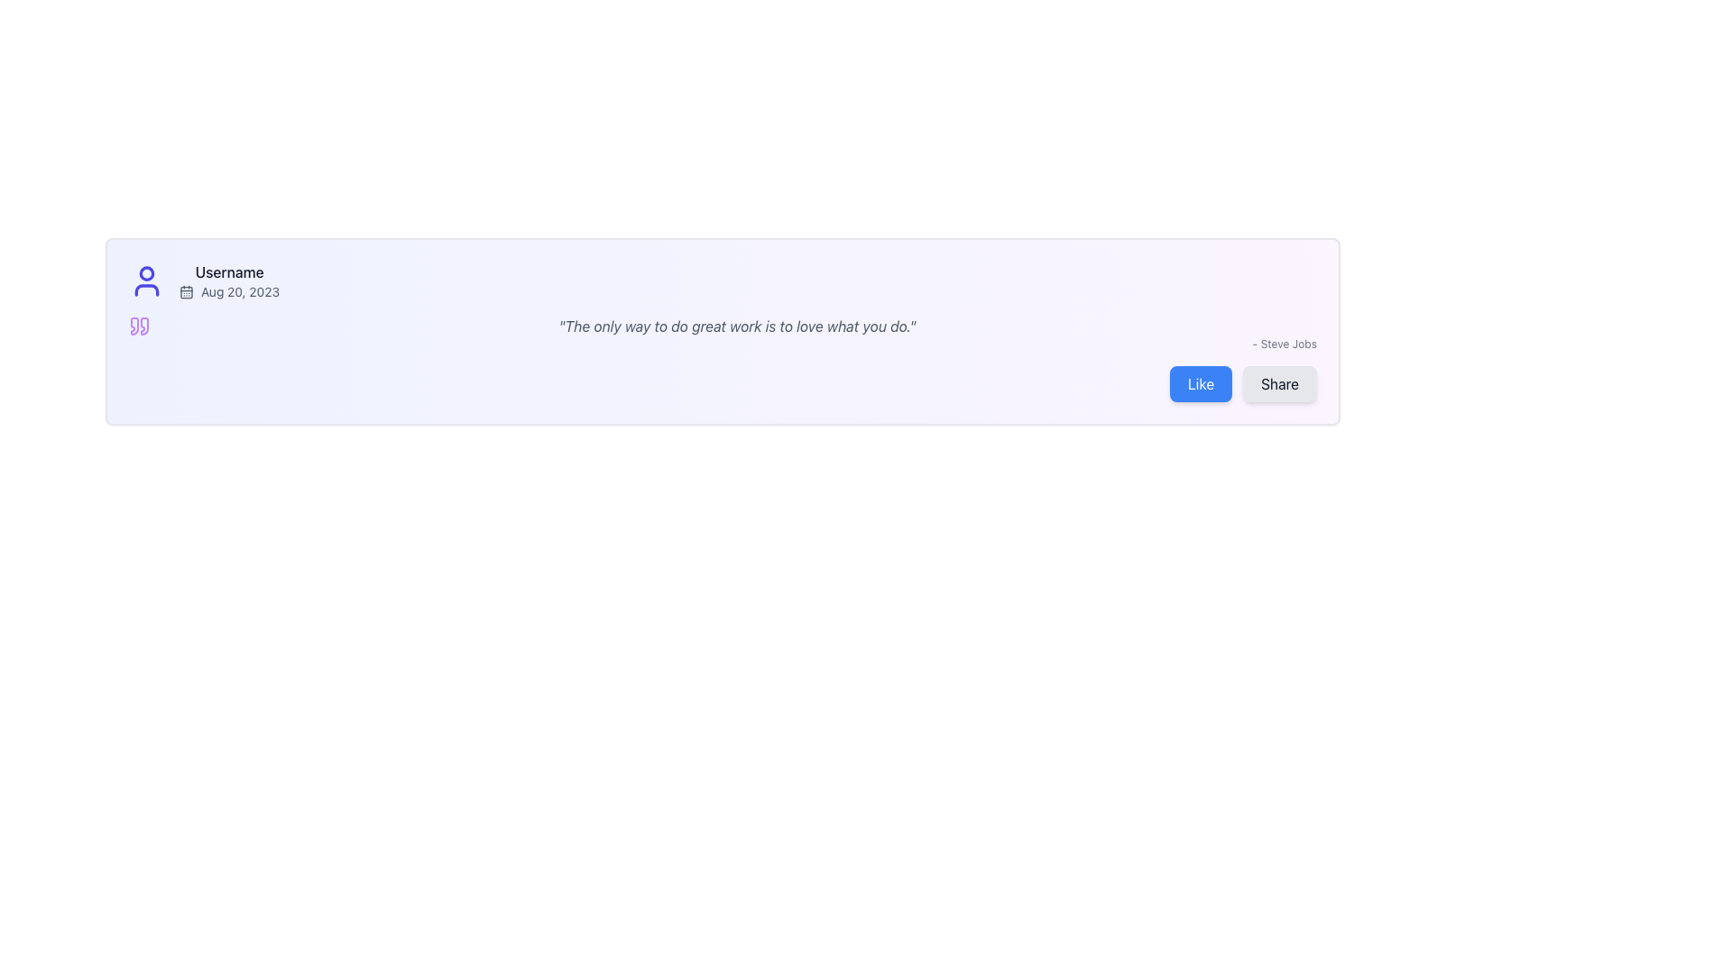  What do you see at coordinates (723, 334) in the screenshot?
I see `quote displayed in the Text Display Element, which contains the text 'The only way to do great work is to love what you do.' attributed to Steve Jobs` at bounding box center [723, 334].